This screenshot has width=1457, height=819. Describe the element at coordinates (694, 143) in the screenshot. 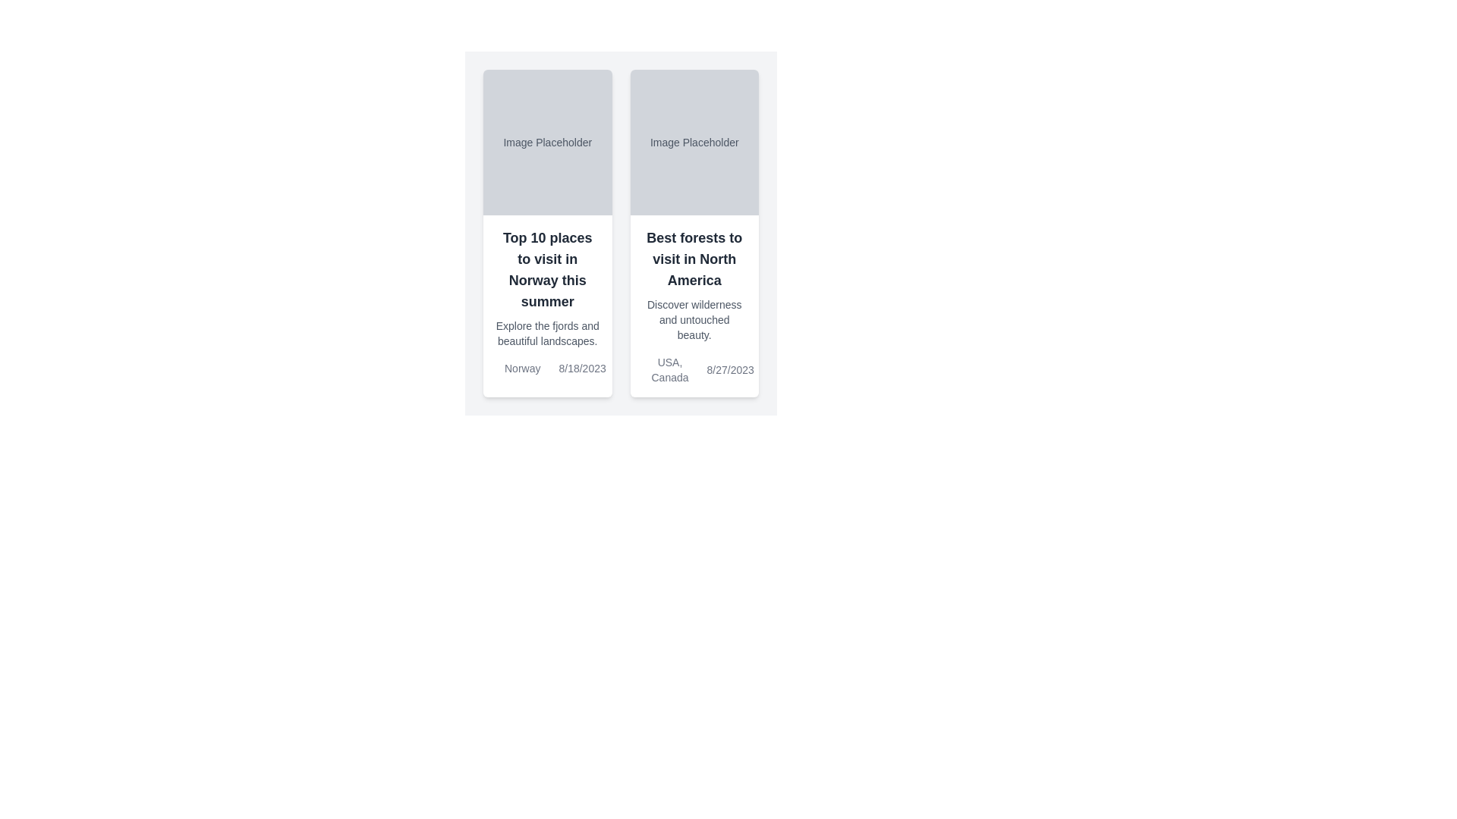

I see `the image placeholder located at the top of the card titled 'Best forests to visit in North America'` at that location.